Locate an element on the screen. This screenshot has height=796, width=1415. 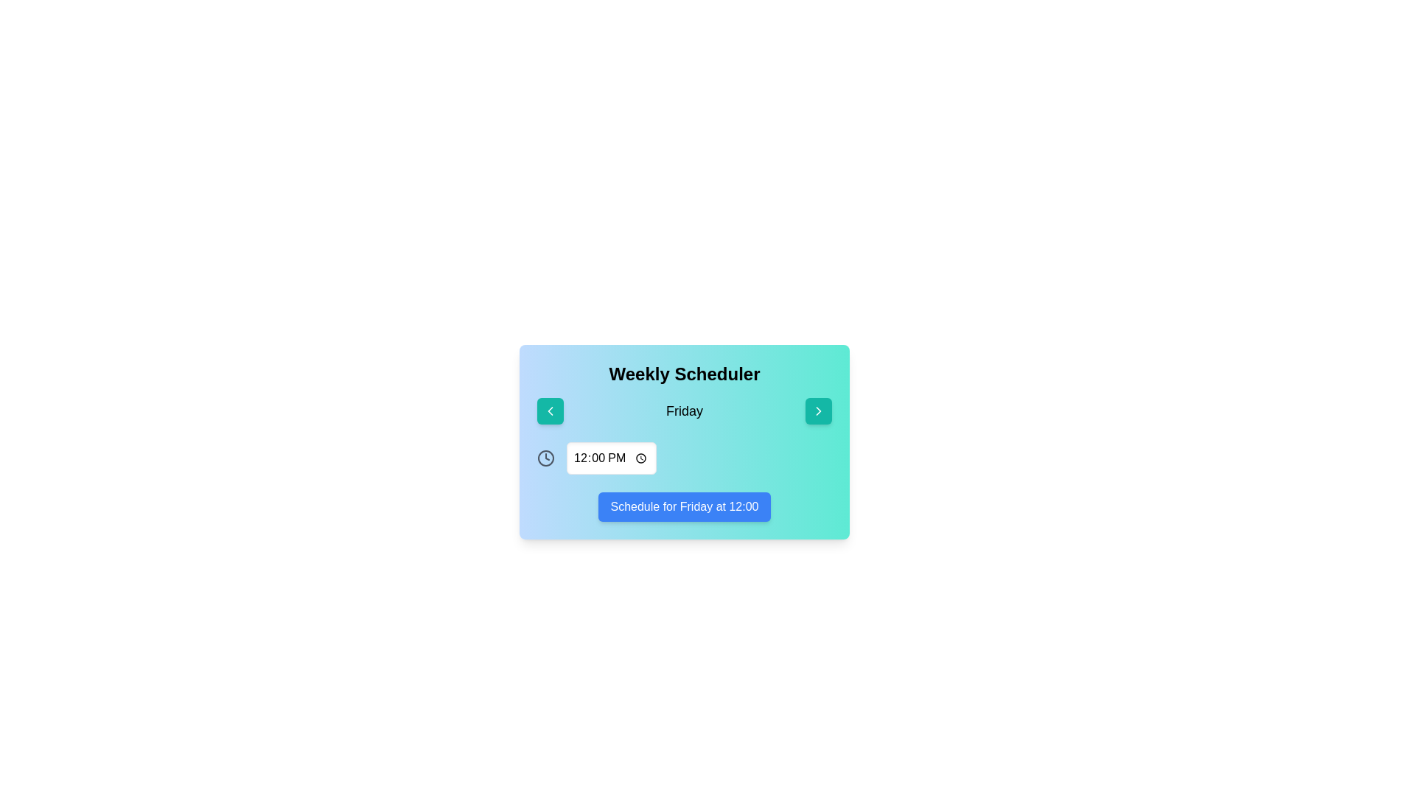
the icon that serves as a time input indicator, located to the left of the time input field is located at coordinates (545, 457).